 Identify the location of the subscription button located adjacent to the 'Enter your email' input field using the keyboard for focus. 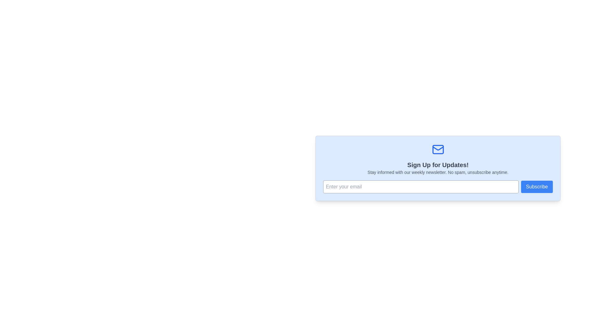
(536, 186).